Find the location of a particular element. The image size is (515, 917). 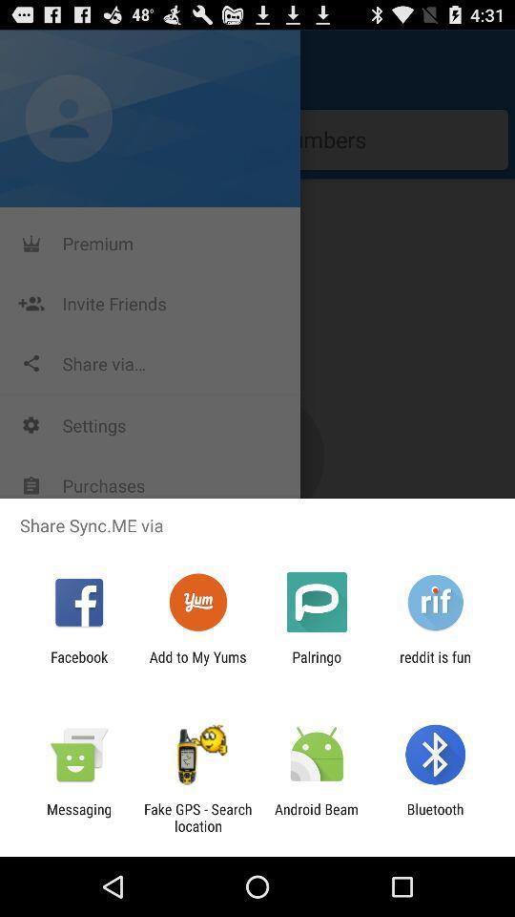

icon to the left of reddit is fun app is located at coordinates (317, 665).